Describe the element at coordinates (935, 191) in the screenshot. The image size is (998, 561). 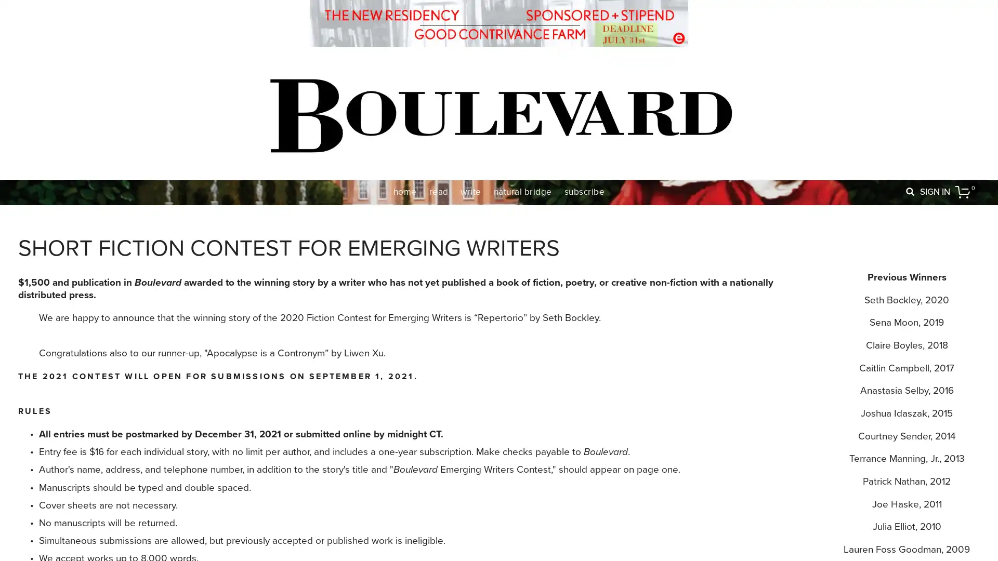
I see `SIGN IN` at that location.